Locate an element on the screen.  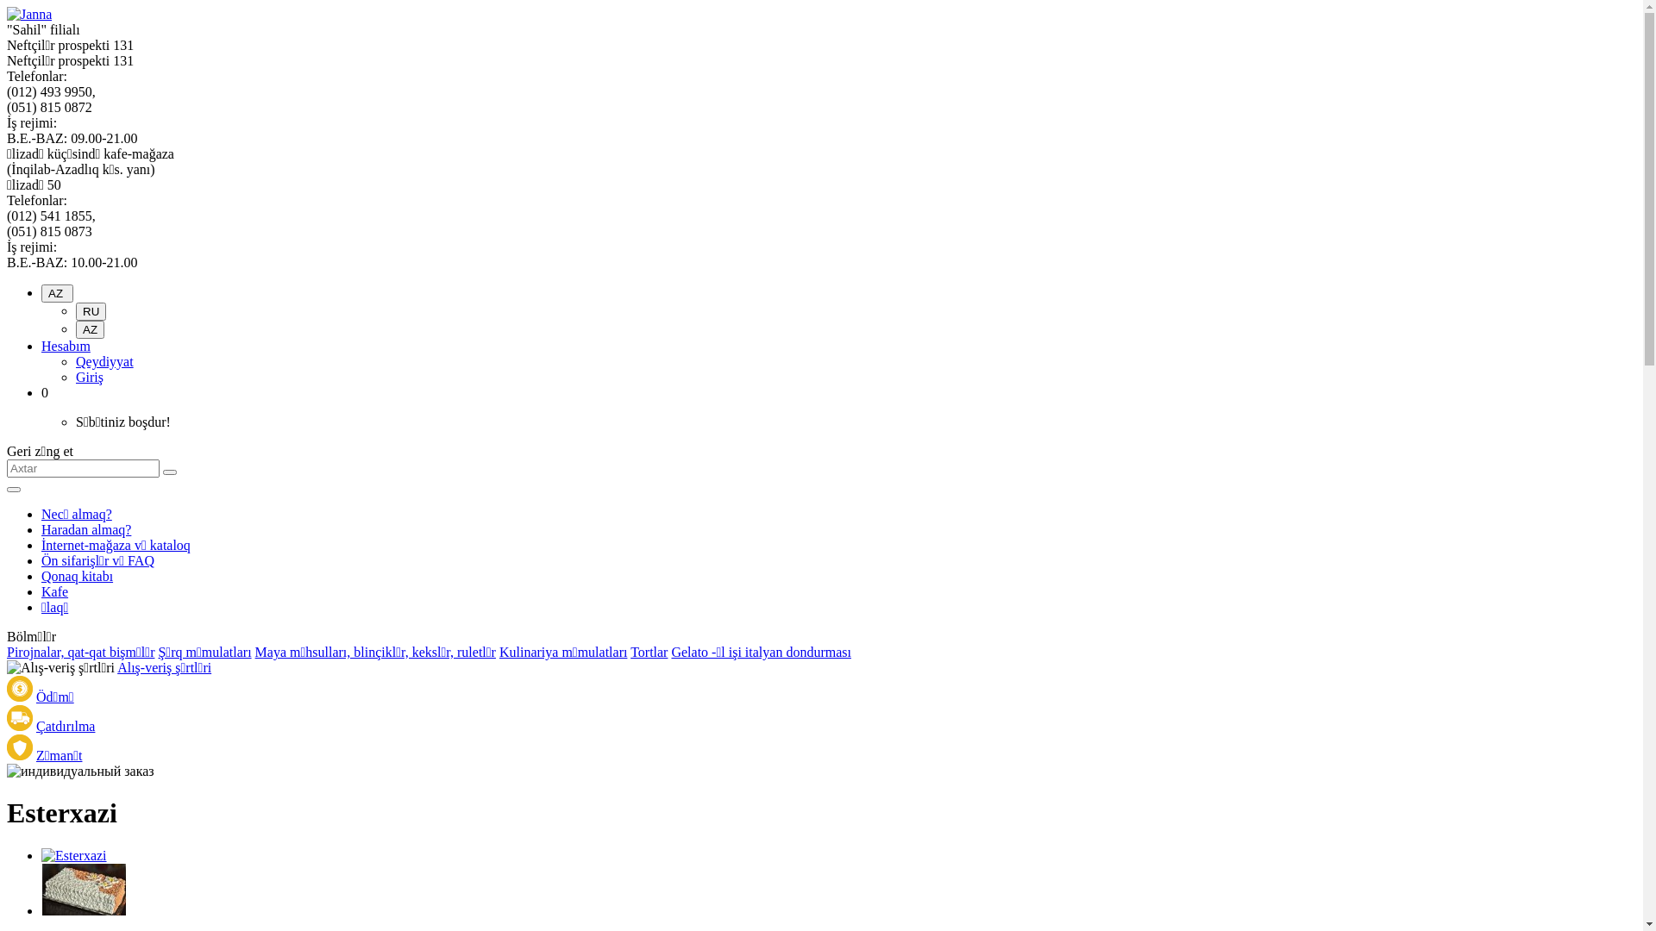
'Qeydiyyat' is located at coordinates (74, 360).